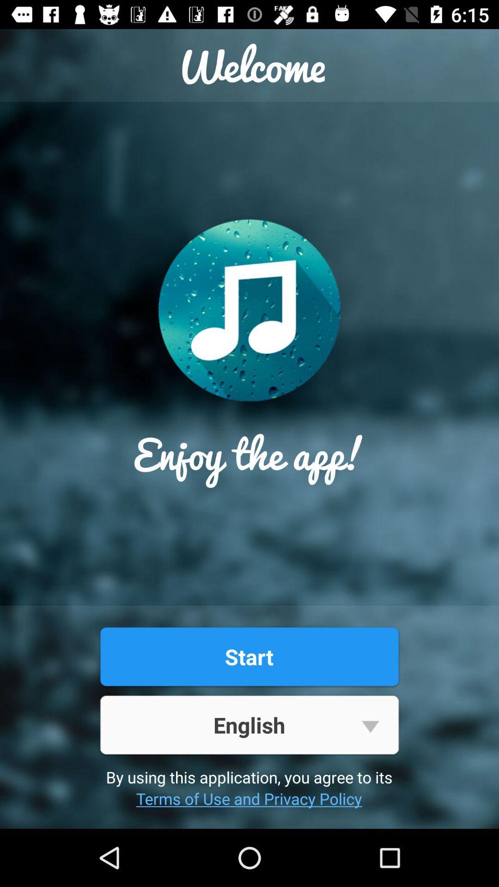 This screenshot has height=887, width=499. I want to click on the english, so click(249, 724).